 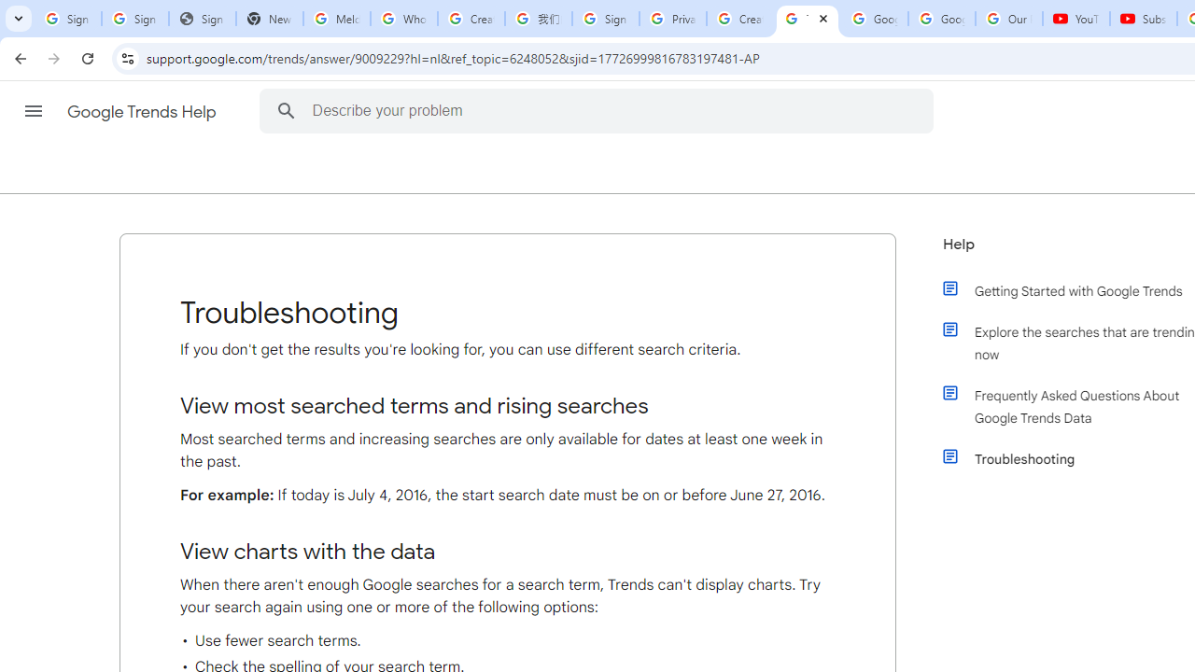 What do you see at coordinates (808, 19) in the screenshot?
I see `'Troubleshooting - Google Trends Help'` at bounding box center [808, 19].